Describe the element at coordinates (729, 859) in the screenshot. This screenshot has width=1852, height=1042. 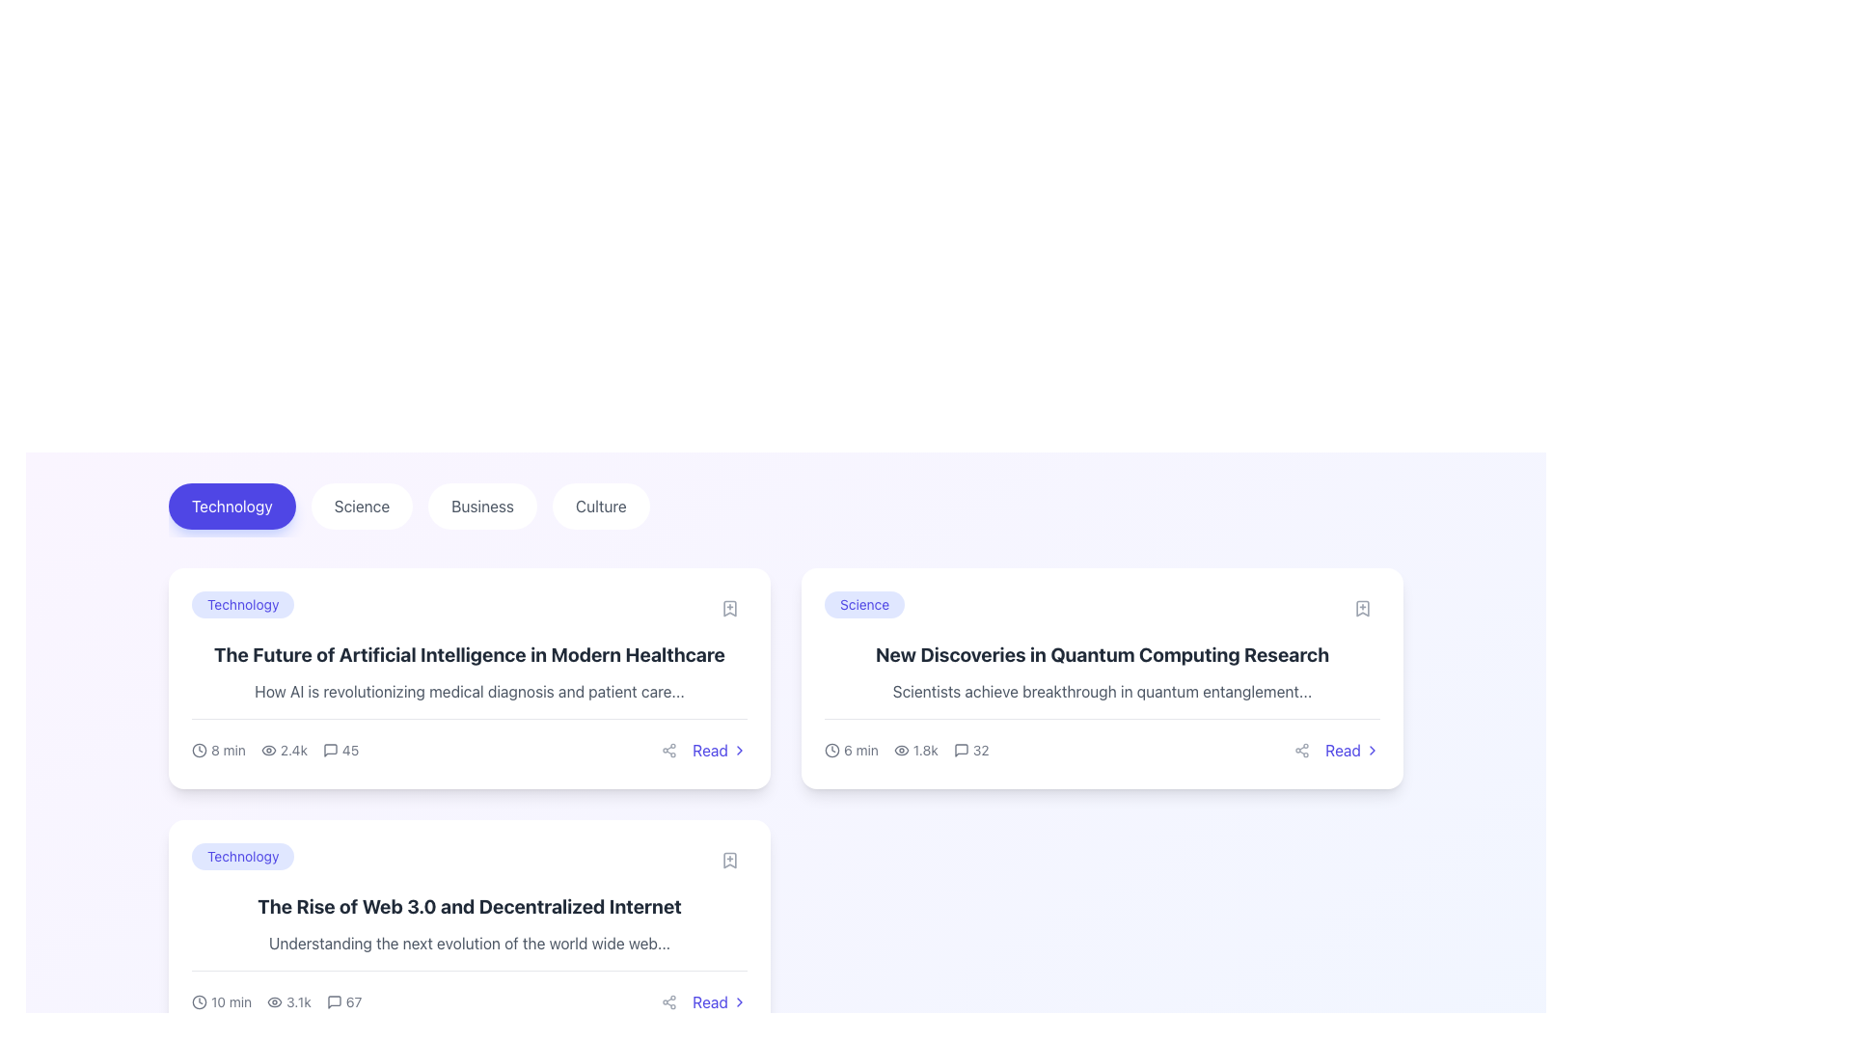
I see `the bookmark icon button with a '+' symbol located at the top-right corner of the article card titled 'The Rise of Web 3.0 and Decentralized Internet' to bookmark or save the article` at that location.